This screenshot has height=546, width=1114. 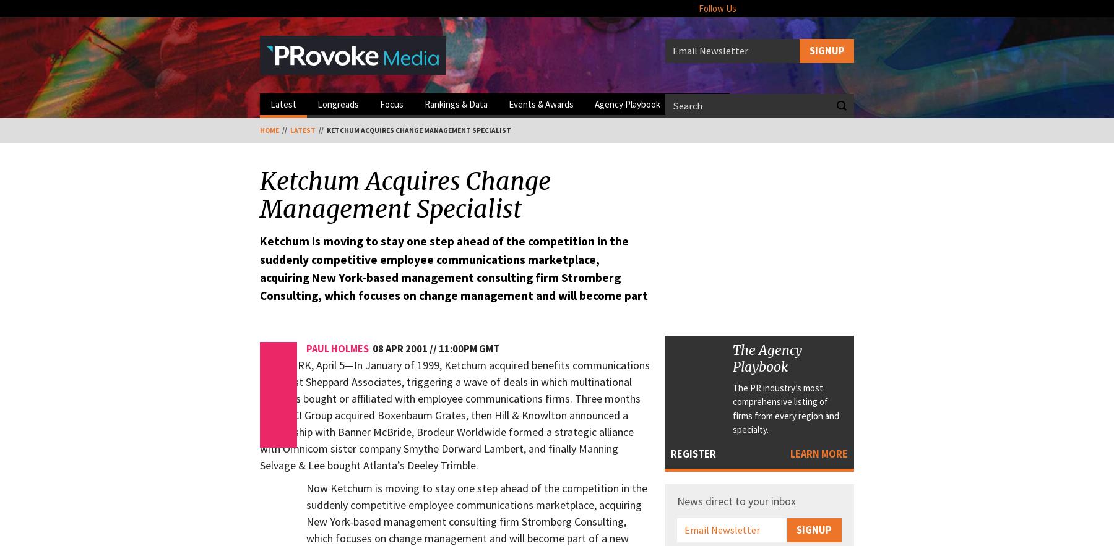 I want to click on 'News direct to your inbox', so click(x=735, y=500).